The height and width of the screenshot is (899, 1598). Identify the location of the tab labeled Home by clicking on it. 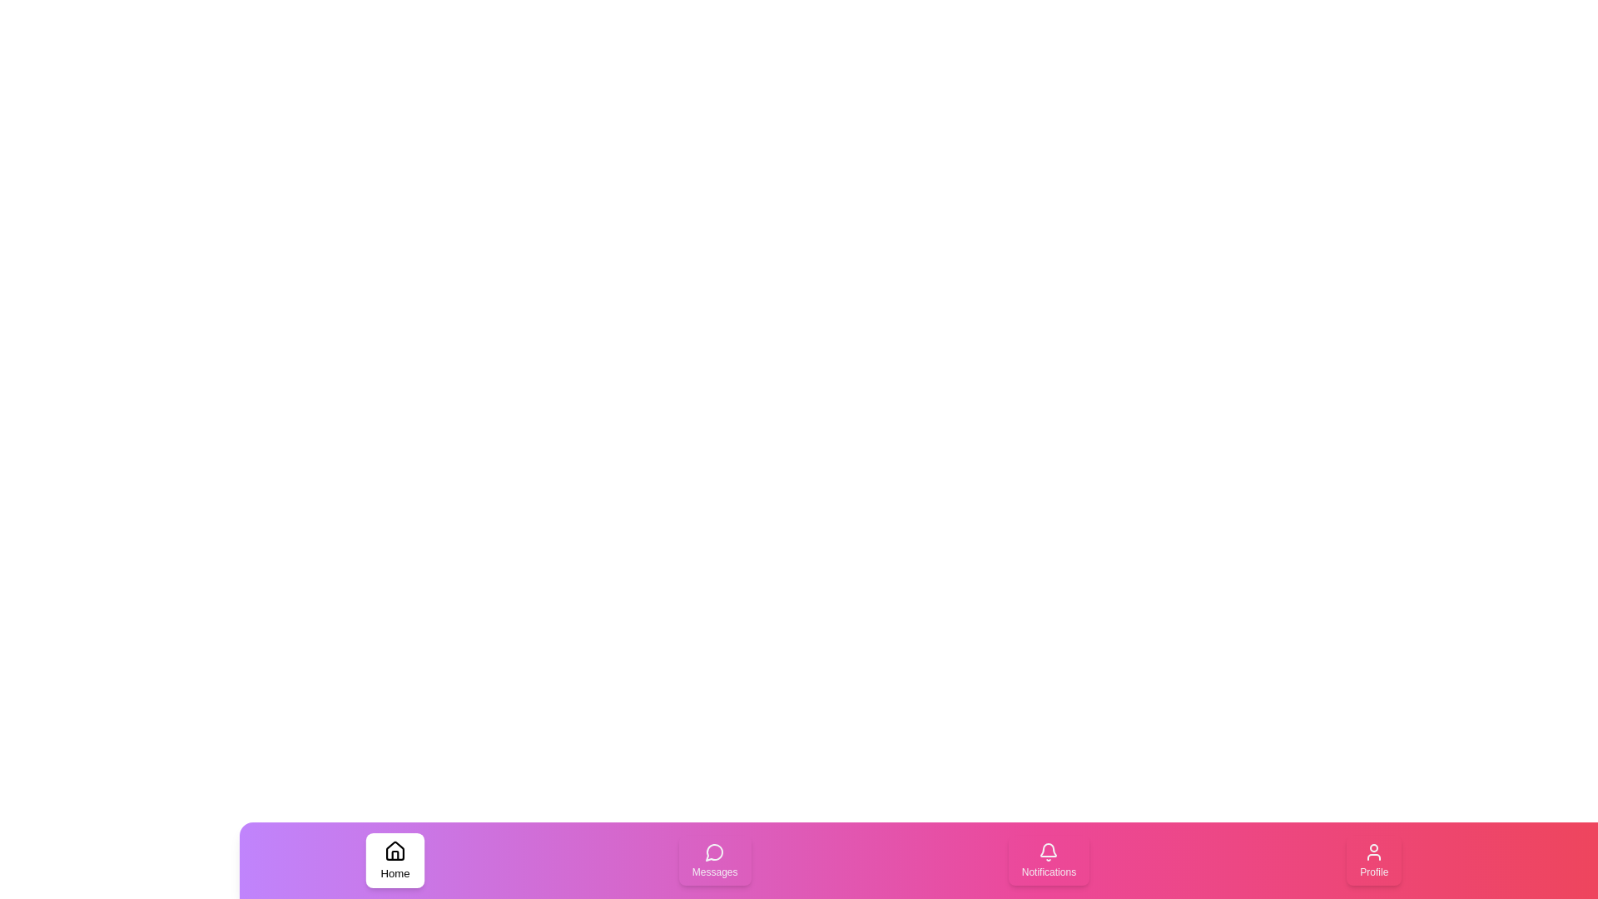
(394, 860).